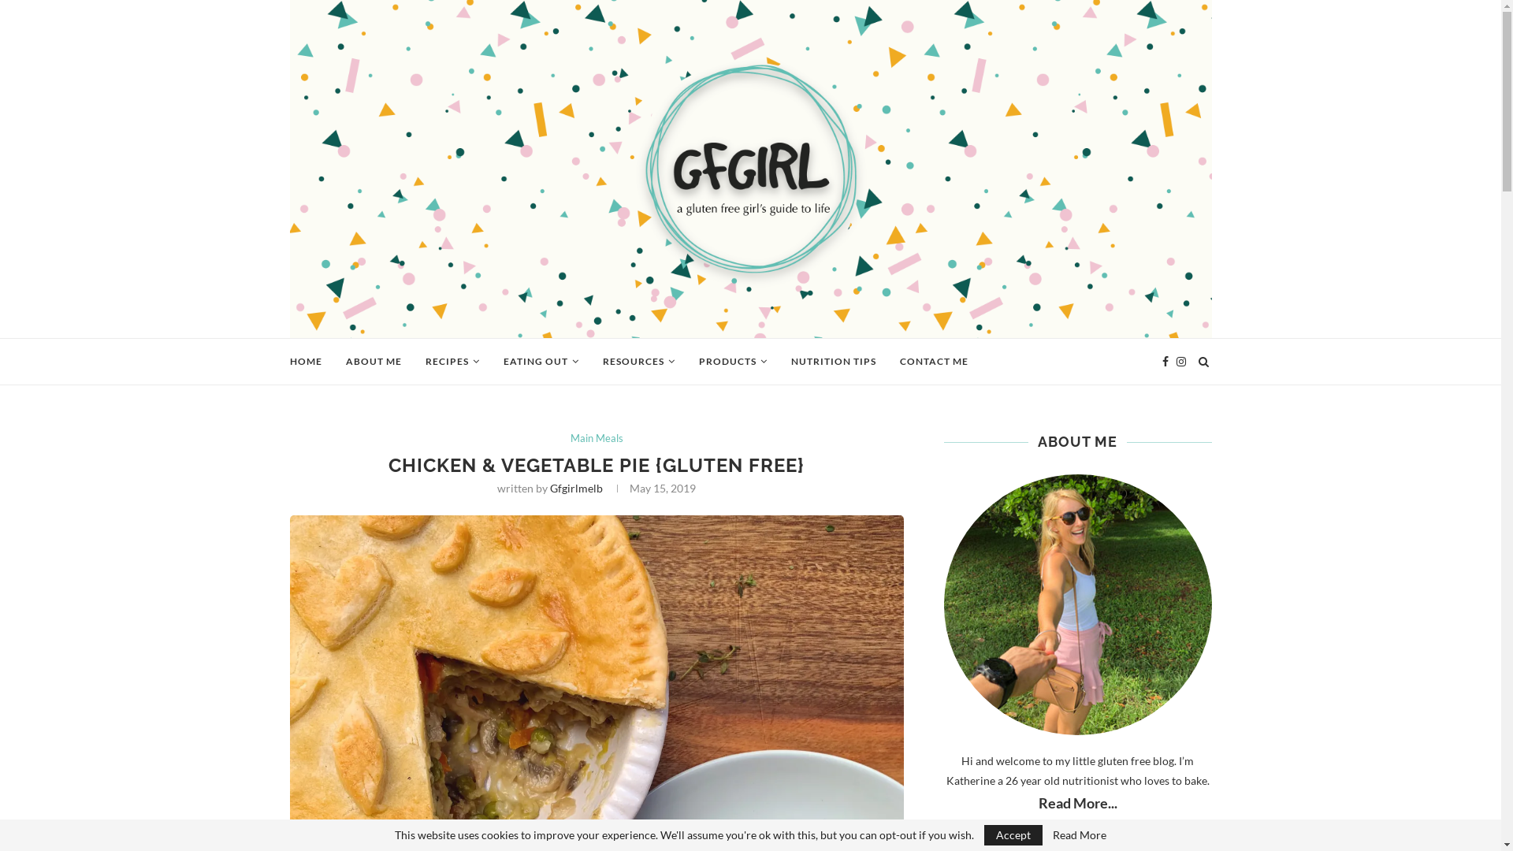 The image size is (1513, 851). I want to click on 'RESOURCES', so click(638, 362).